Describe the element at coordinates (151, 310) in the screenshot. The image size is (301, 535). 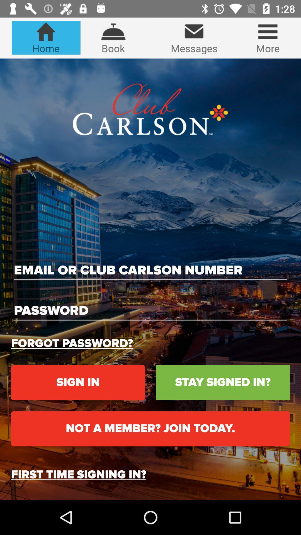
I see `for password` at that location.